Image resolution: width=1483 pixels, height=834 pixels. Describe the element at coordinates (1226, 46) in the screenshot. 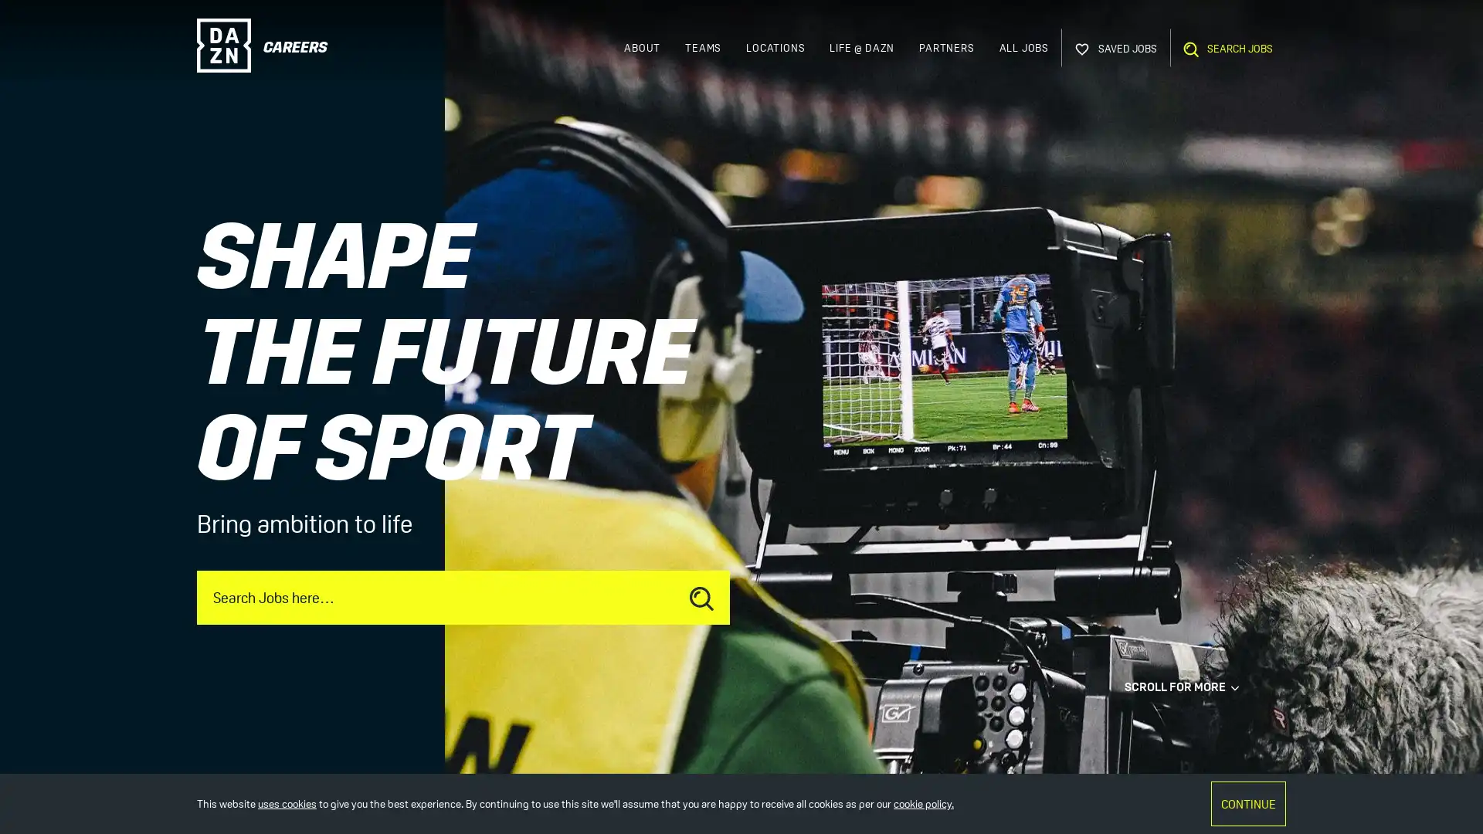

I see `Open Search Bar SEARCH JOBS` at that location.